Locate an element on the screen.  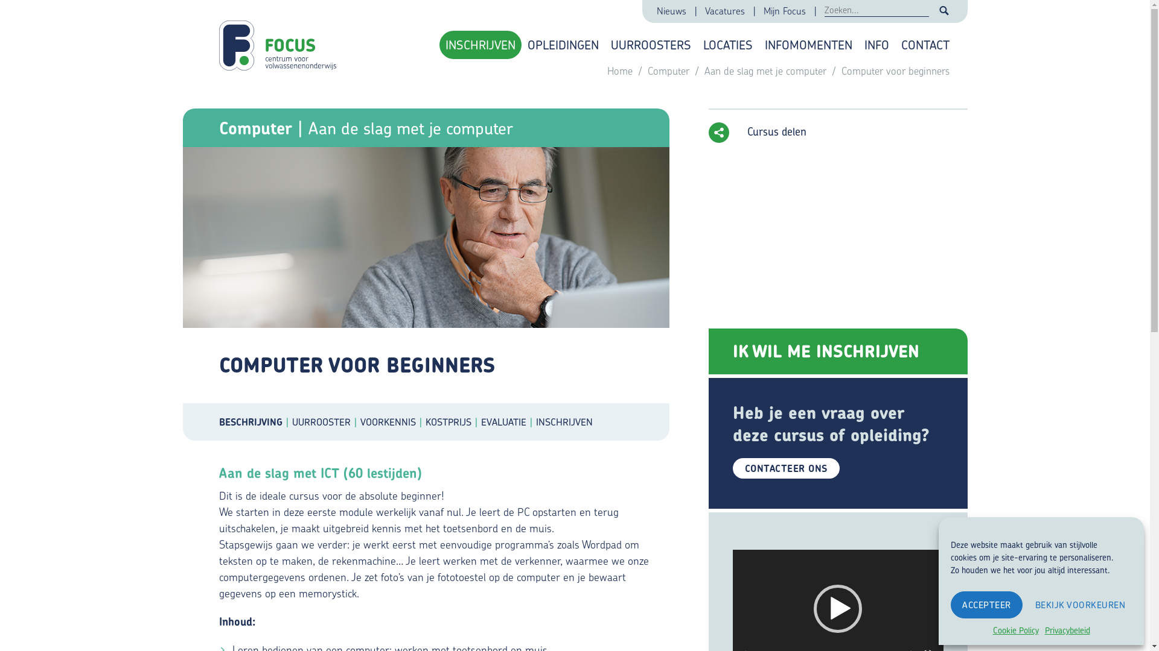
'Homepage CVO Focus' is located at coordinates (279, 39).